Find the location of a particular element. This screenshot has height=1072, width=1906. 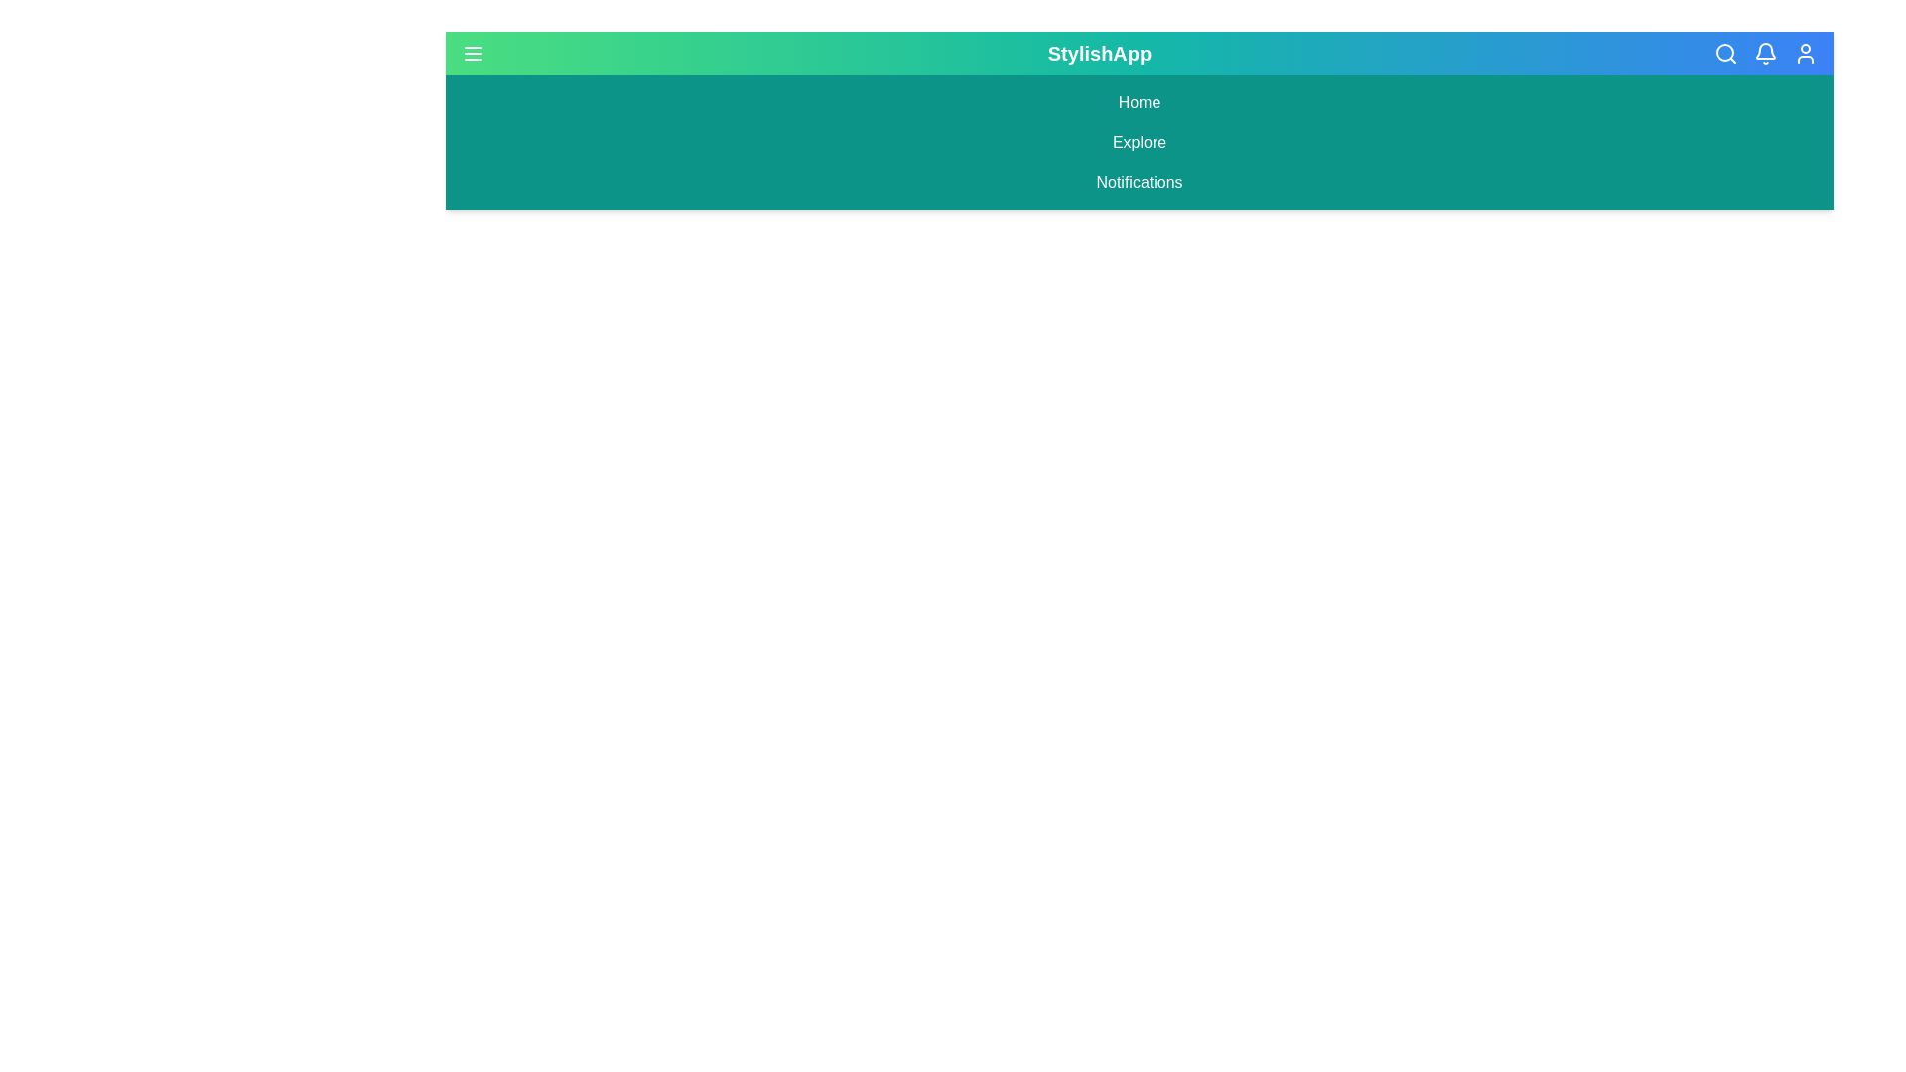

the navigation link Notifications is located at coordinates (1139, 183).